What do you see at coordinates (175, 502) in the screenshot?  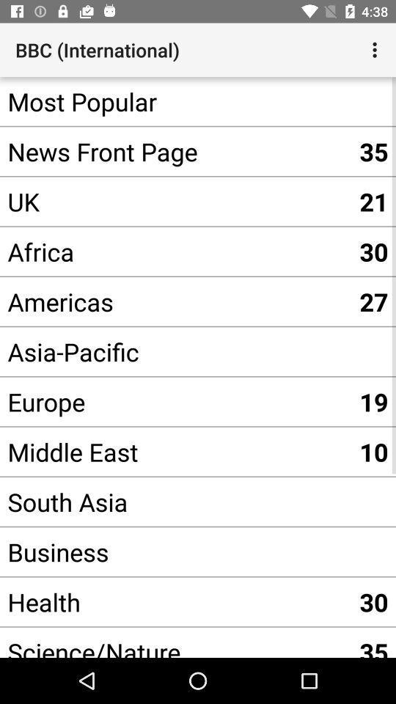 I see `the south asia app` at bounding box center [175, 502].